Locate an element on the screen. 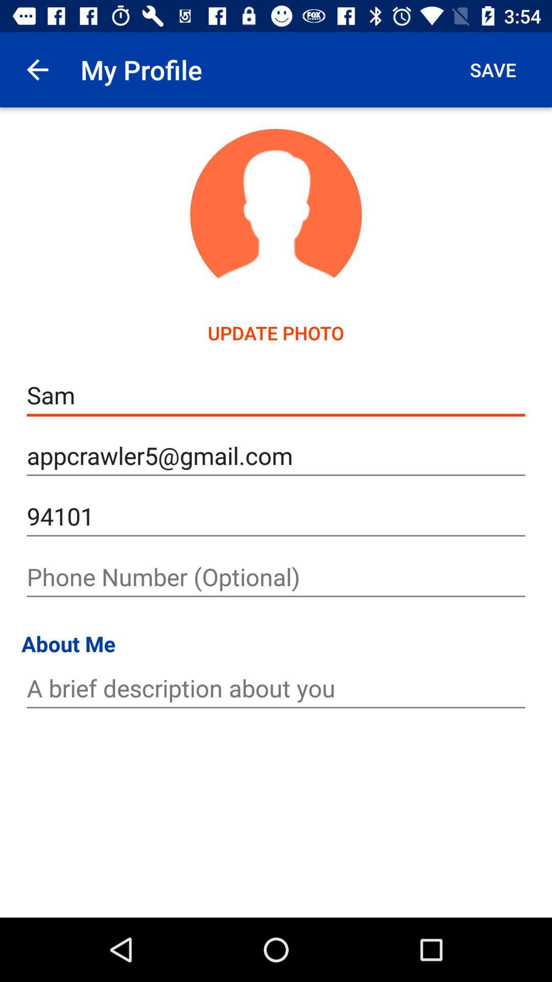 The image size is (552, 982). phone number entry is located at coordinates (276, 577).